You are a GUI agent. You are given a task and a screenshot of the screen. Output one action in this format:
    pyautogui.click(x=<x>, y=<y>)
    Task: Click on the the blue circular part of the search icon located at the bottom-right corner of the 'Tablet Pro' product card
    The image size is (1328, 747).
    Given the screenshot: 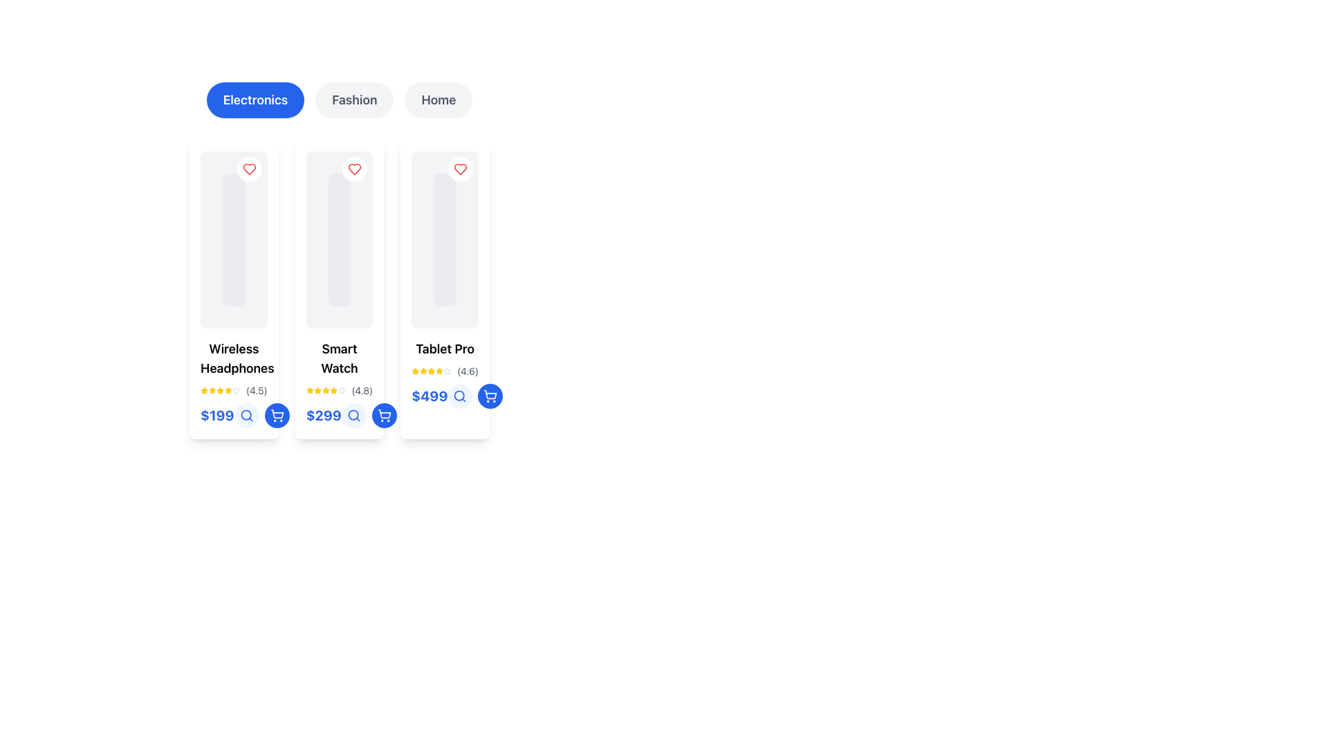 What is the action you would take?
    pyautogui.click(x=459, y=396)
    